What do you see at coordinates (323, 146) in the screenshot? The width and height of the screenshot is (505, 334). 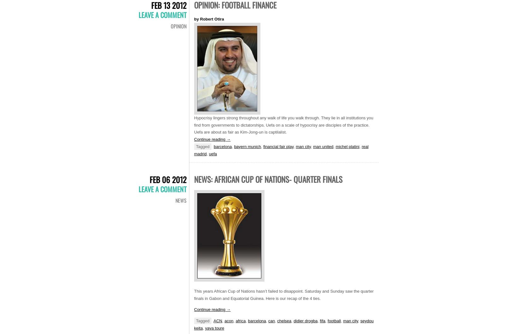 I see `'man united'` at bounding box center [323, 146].